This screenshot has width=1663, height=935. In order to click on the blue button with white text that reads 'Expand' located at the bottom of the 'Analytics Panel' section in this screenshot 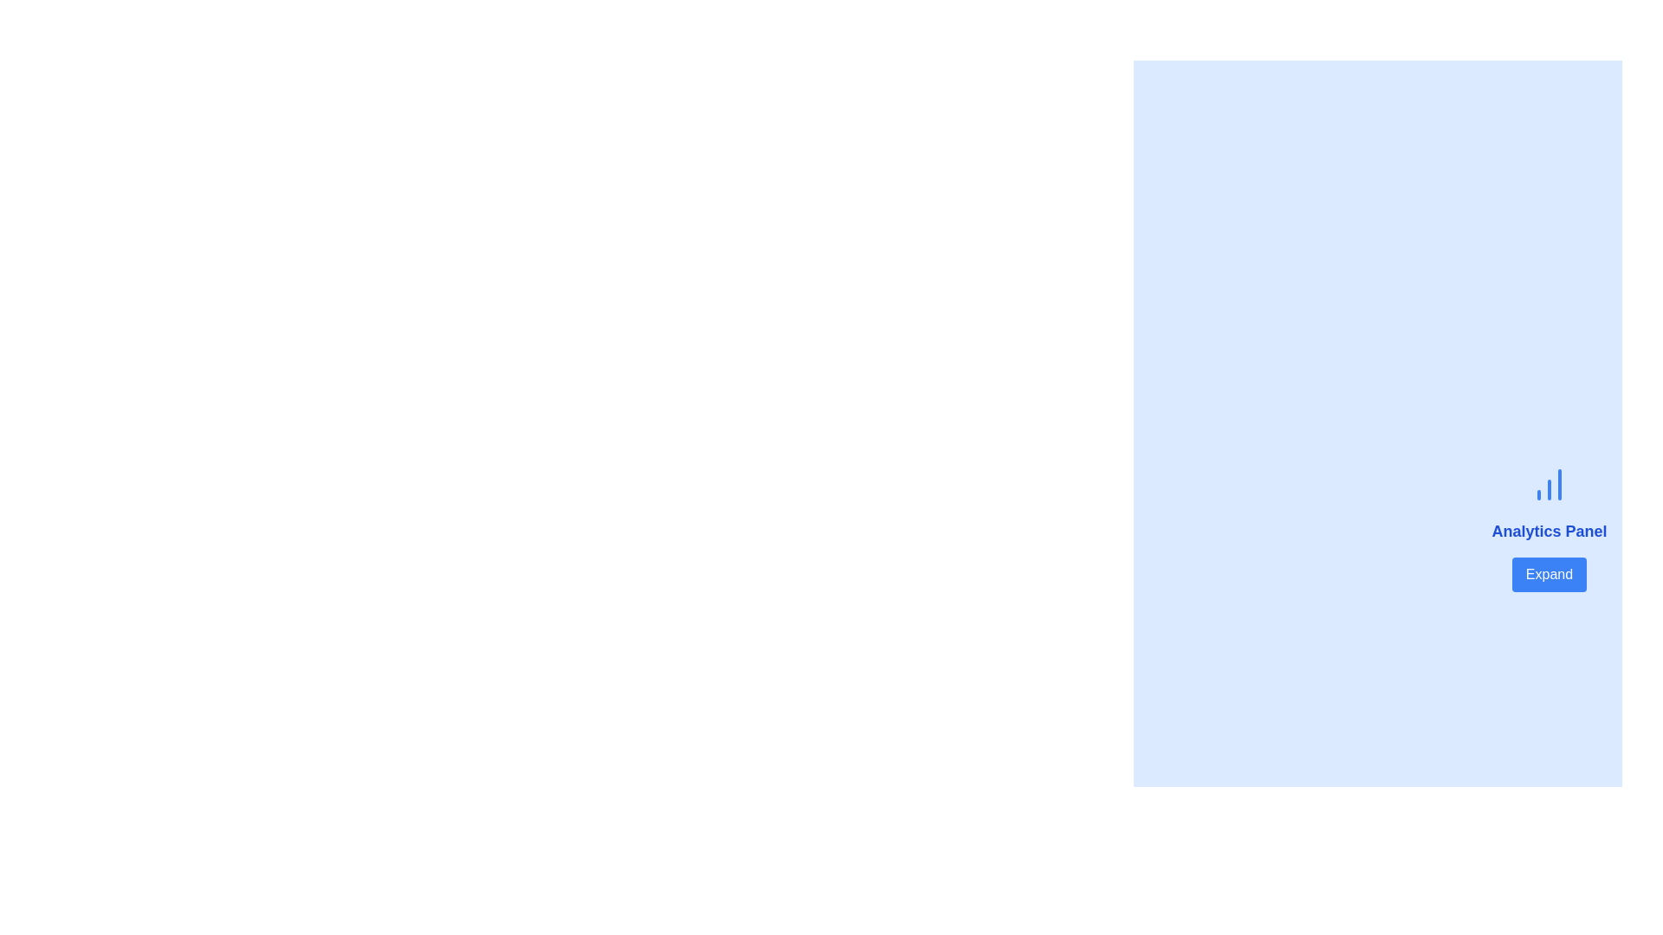, I will do `click(1549, 574)`.